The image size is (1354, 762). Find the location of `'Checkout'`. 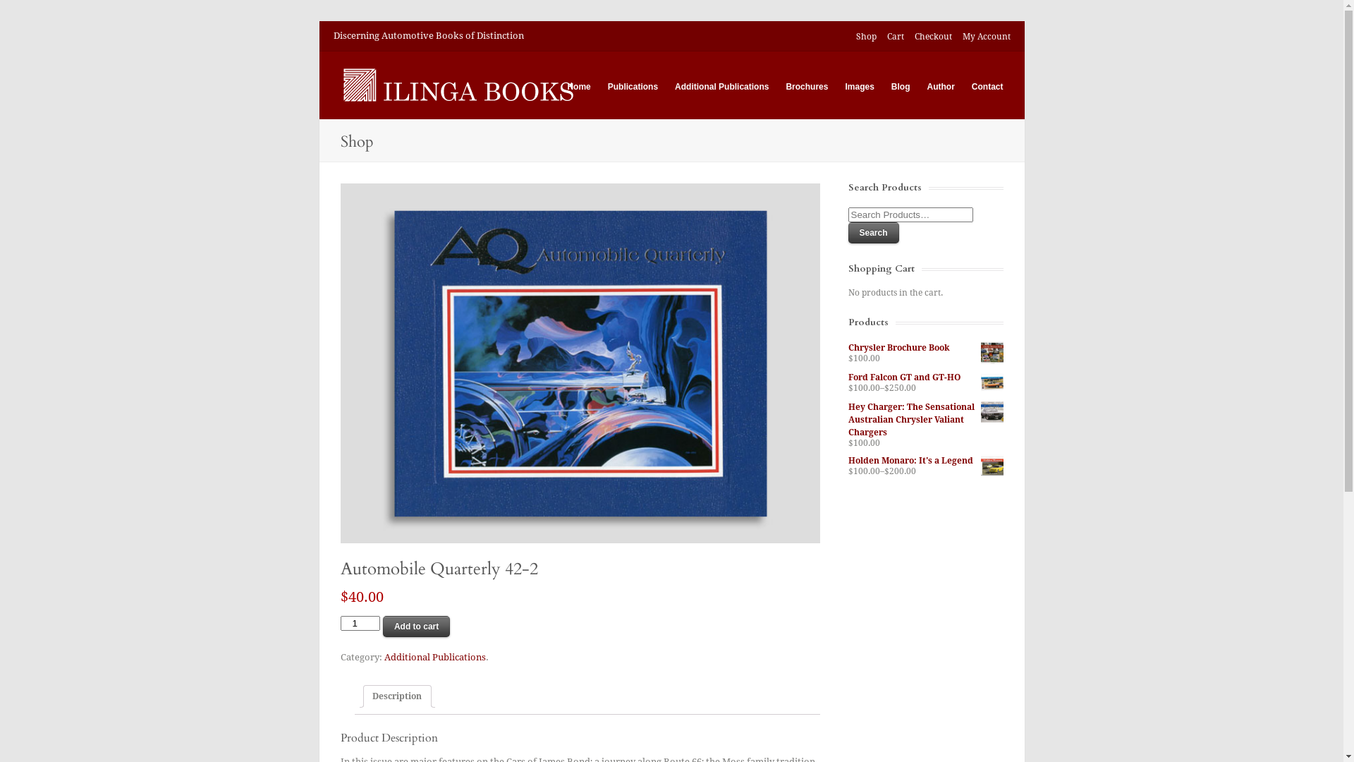

'Checkout' is located at coordinates (932, 36).